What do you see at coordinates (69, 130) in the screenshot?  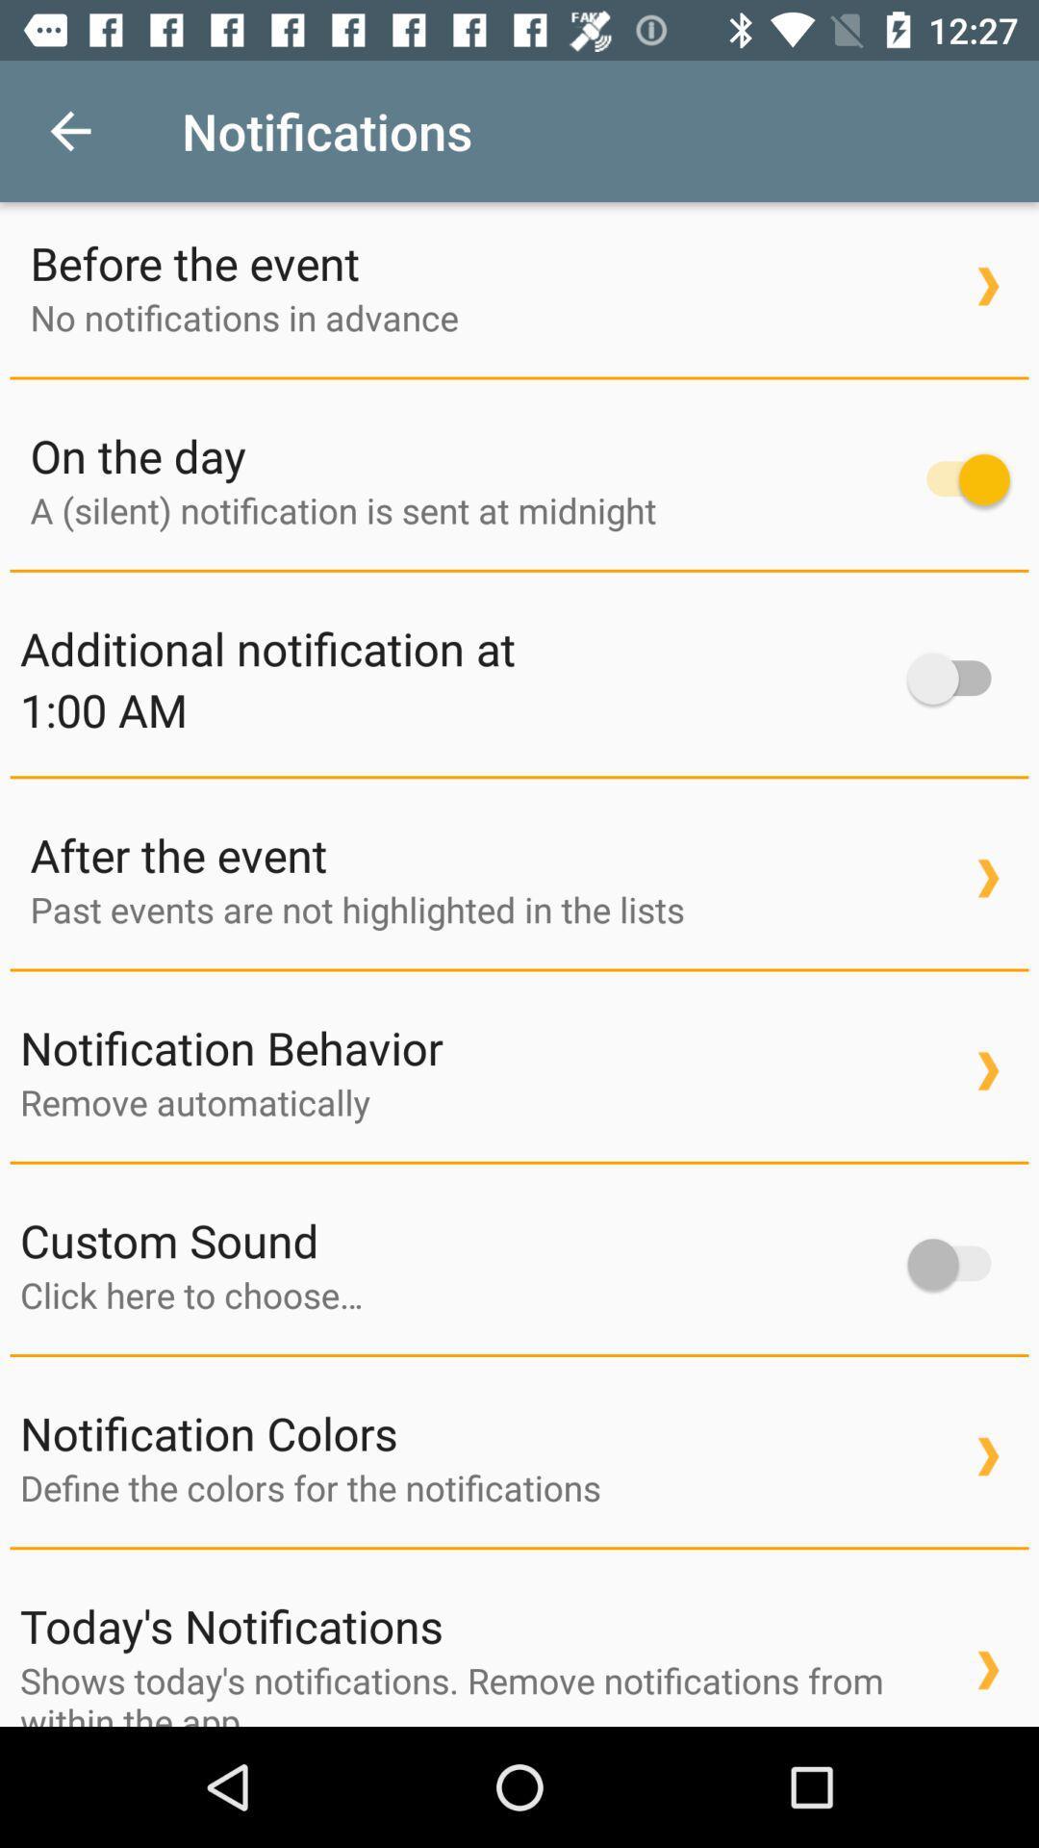 I see `icon next to notifications icon` at bounding box center [69, 130].